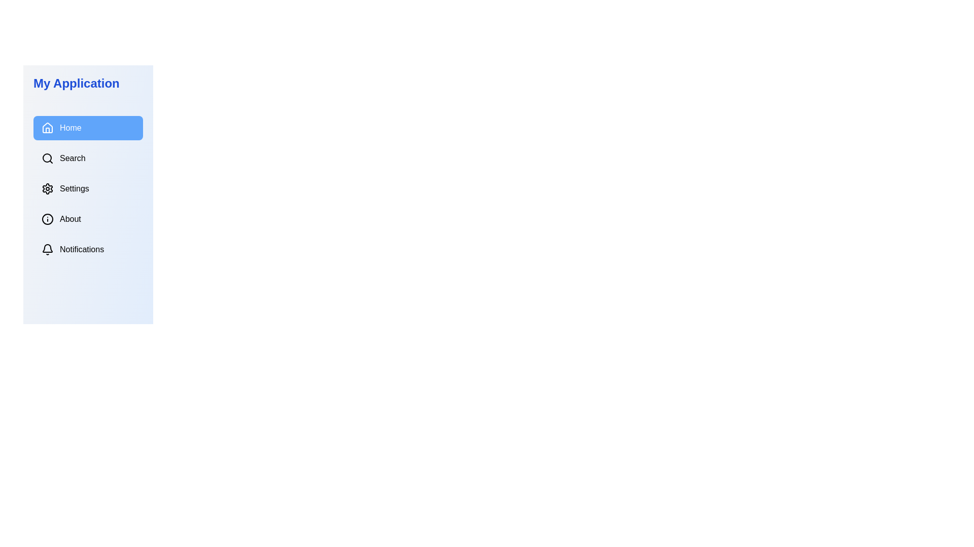 Image resolution: width=974 pixels, height=547 pixels. I want to click on the information indicator icon located inside the 'About' section in the left sidebar of the application interface, so click(47, 218).